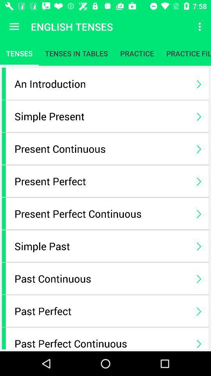 The width and height of the screenshot is (211, 376). I want to click on the simple past, so click(101, 246).